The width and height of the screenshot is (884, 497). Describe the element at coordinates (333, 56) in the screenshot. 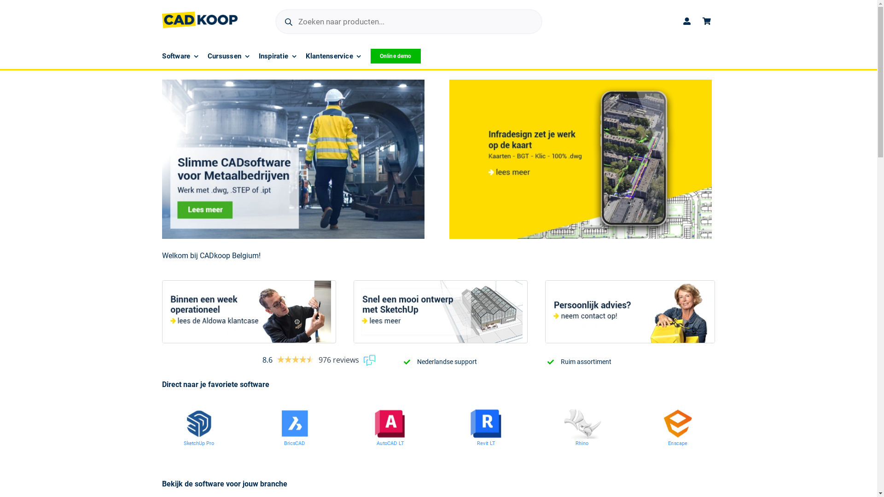

I see `'Klantenservice'` at that location.